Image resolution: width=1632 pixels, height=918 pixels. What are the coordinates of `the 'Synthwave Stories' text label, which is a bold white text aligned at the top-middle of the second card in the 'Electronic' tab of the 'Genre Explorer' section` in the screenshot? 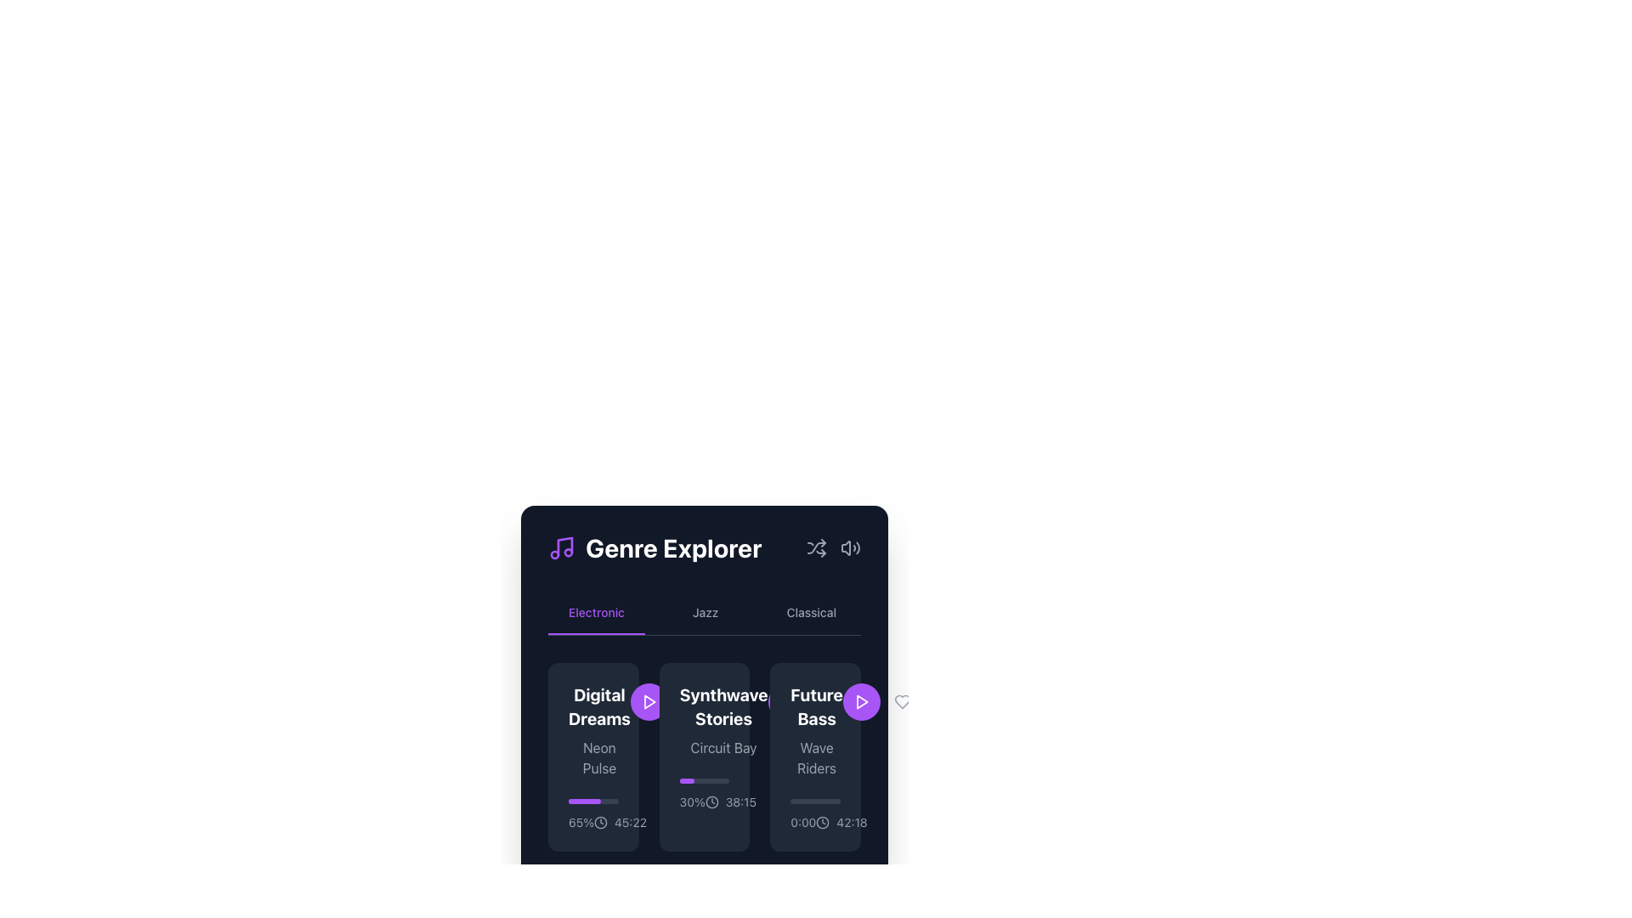 It's located at (705, 721).